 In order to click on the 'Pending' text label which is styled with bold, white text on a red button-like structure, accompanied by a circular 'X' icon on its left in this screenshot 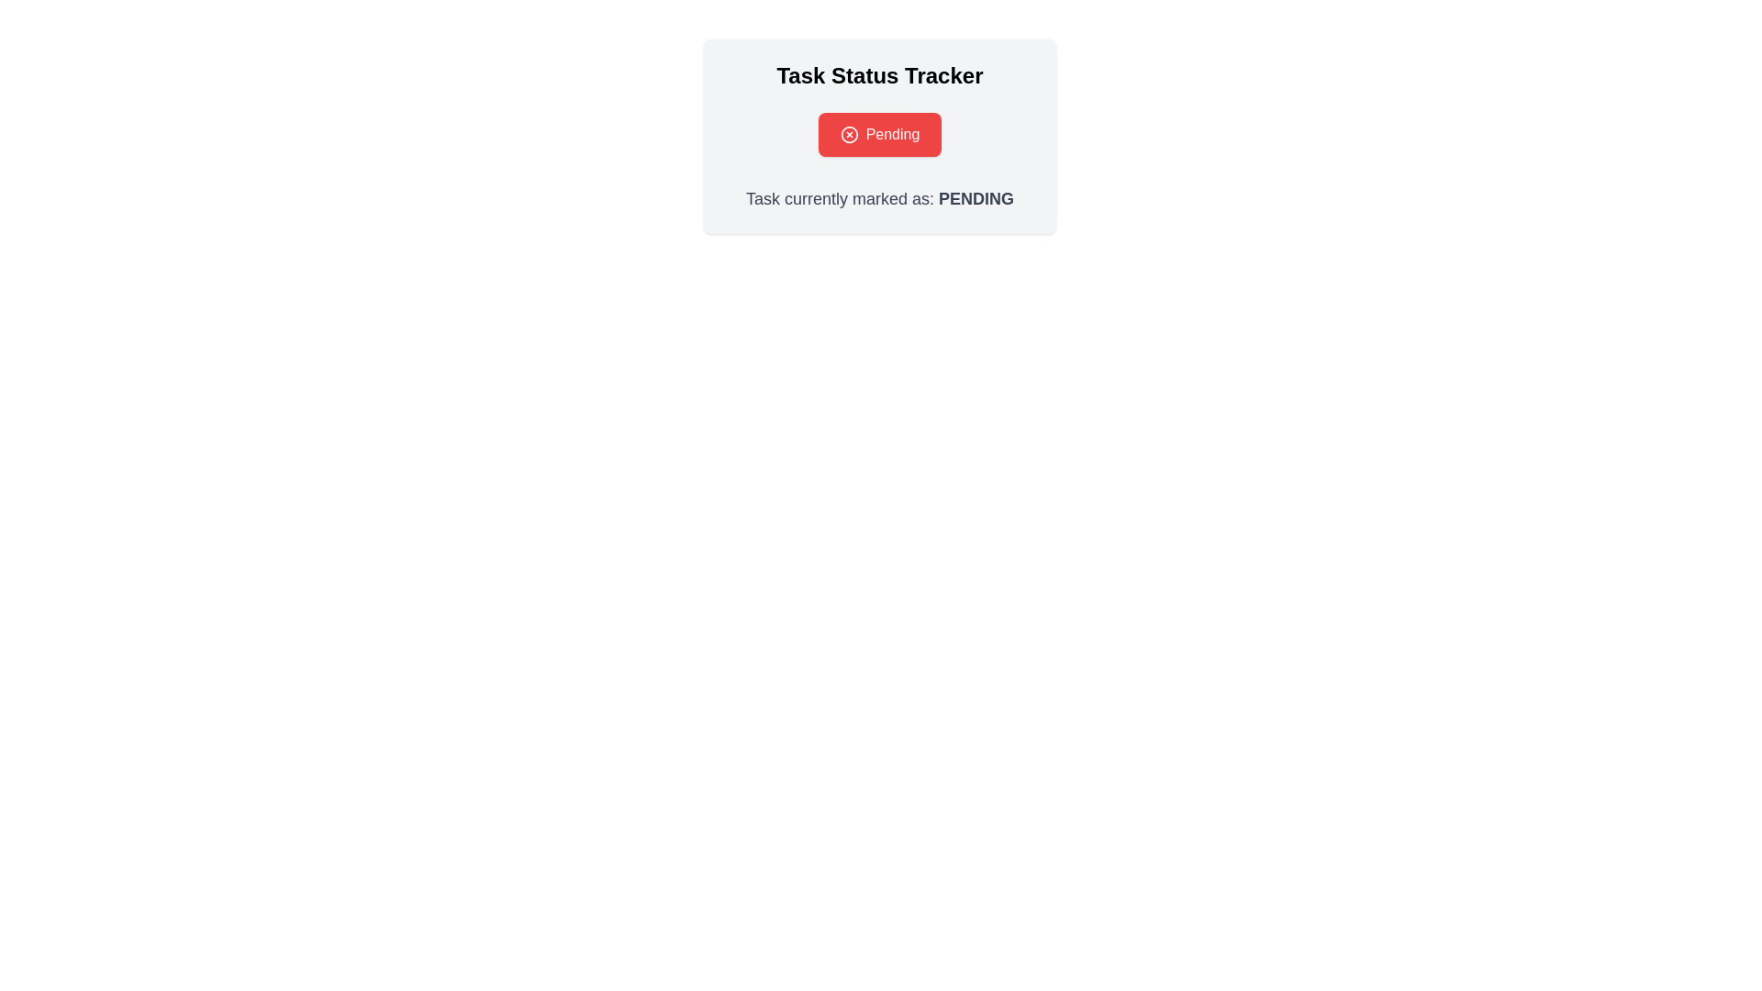, I will do `click(879, 133)`.